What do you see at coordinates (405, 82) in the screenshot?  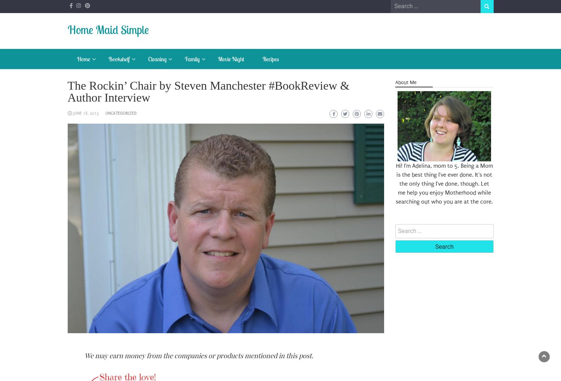 I see `'About Me'` at bounding box center [405, 82].